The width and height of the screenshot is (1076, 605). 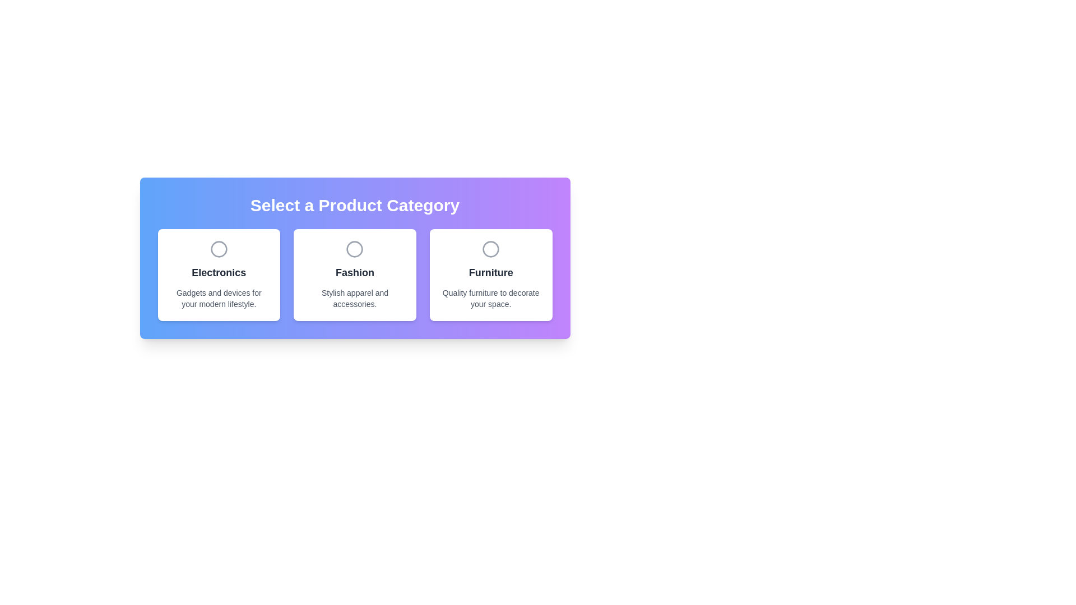 What do you see at coordinates (219, 248) in the screenshot?
I see `the gray circular icon with a thin outline located at the top center of the 'Electronics' card, positioned under the title 'Select a Product Category'` at bounding box center [219, 248].